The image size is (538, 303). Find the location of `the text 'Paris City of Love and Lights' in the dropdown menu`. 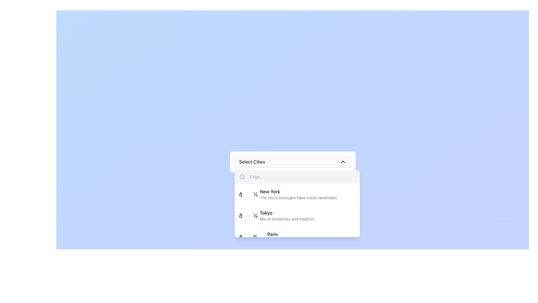

the text 'Paris City of Love and Lights' in the dropdown menu is located at coordinates (288, 234).